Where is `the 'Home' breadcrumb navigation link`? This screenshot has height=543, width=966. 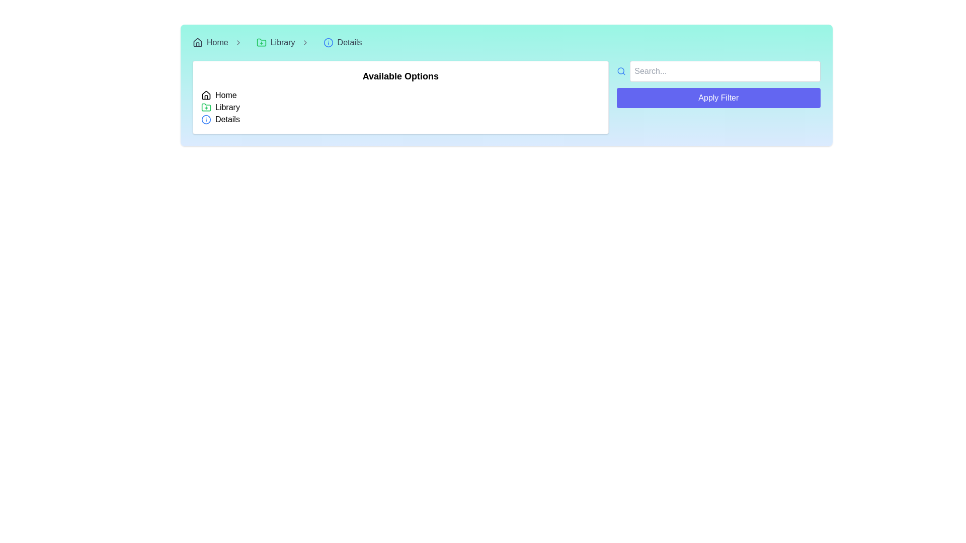 the 'Home' breadcrumb navigation link is located at coordinates (217, 42).